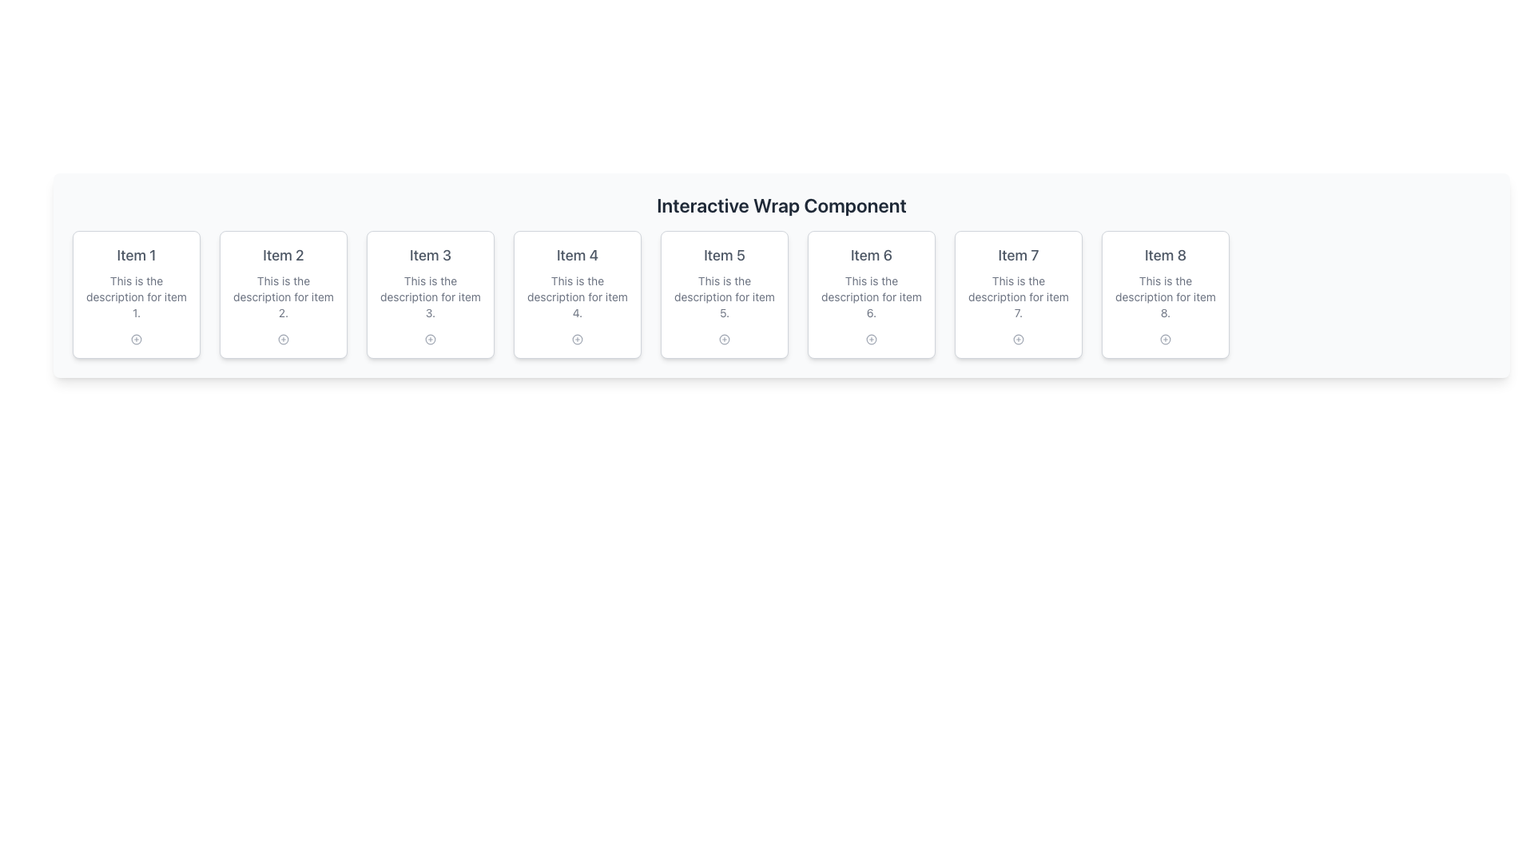  What do you see at coordinates (870, 255) in the screenshot?
I see `the Text Label that identifies the card labeled 'Item 6', positioned at the top of the card in a horizontally arranged grid` at bounding box center [870, 255].